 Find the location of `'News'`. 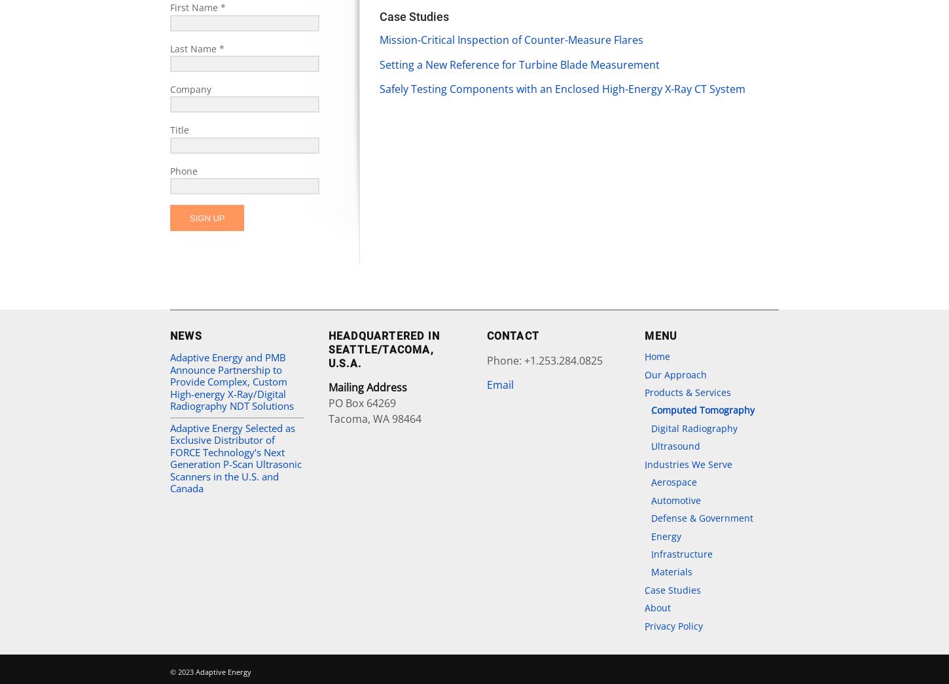

'News' is located at coordinates (170, 335).